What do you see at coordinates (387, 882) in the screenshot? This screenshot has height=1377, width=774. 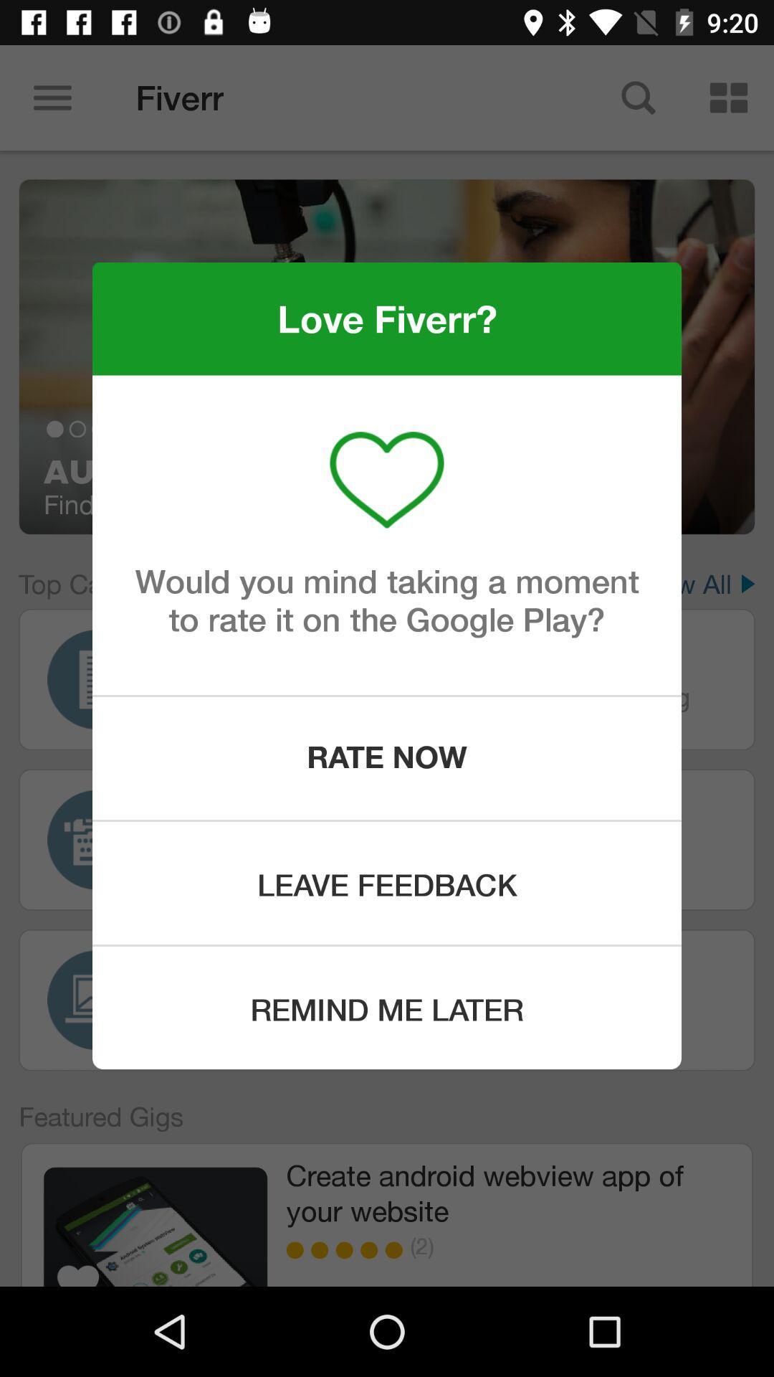 I see `leave feedback item` at bounding box center [387, 882].